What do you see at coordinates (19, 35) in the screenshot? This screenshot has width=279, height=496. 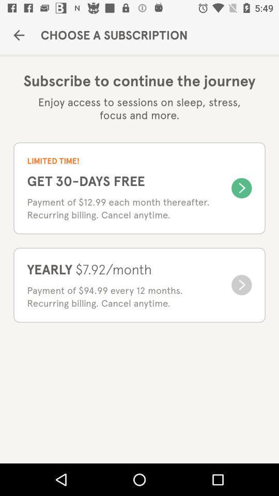 I see `the icon to the left of the choose a subscription` at bounding box center [19, 35].